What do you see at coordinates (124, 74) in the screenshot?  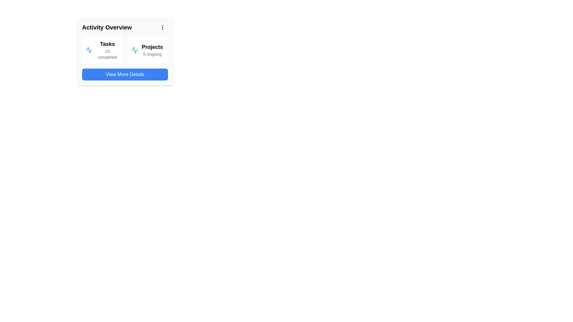 I see `the blue rectangular button labeled 'View More Details' located at the bottom of the 'Activity Overview' card` at bounding box center [124, 74].